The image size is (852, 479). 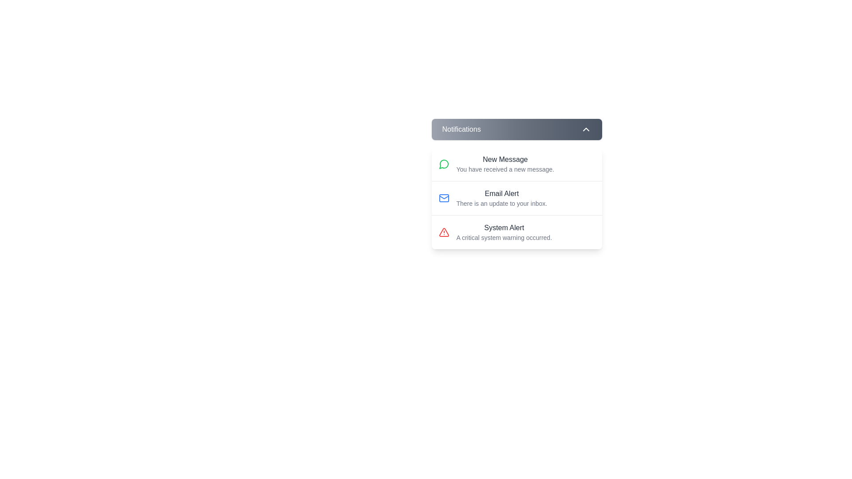 I want to click on text element displaying 'There is an update to your inbox.' located below the 'Email Alert' title within the notification card, so click(x=501, y=204).